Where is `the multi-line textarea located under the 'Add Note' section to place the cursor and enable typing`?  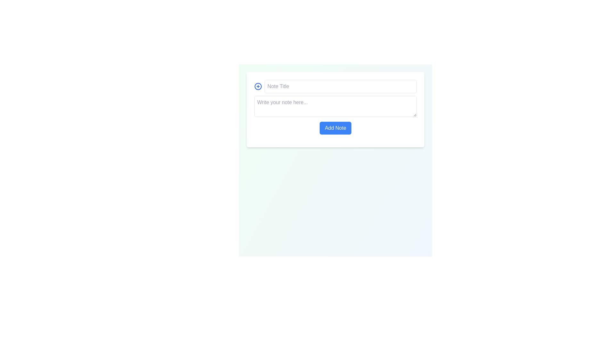
the multi-line textarea located under the 'Add Note' section to place the cursor and enable typing is located at coordinates (335, 106).